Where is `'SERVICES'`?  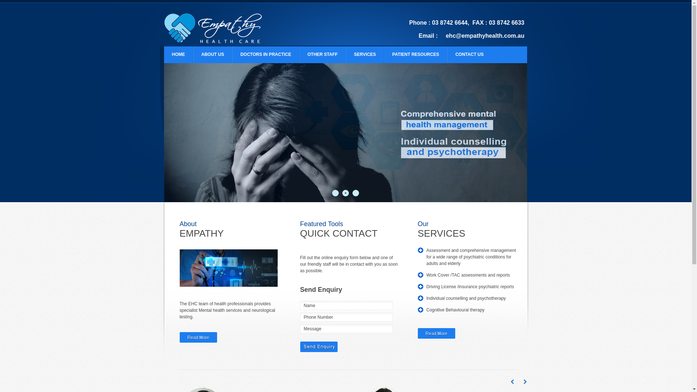
'SERVICES' is located at coordinates (364, 54).